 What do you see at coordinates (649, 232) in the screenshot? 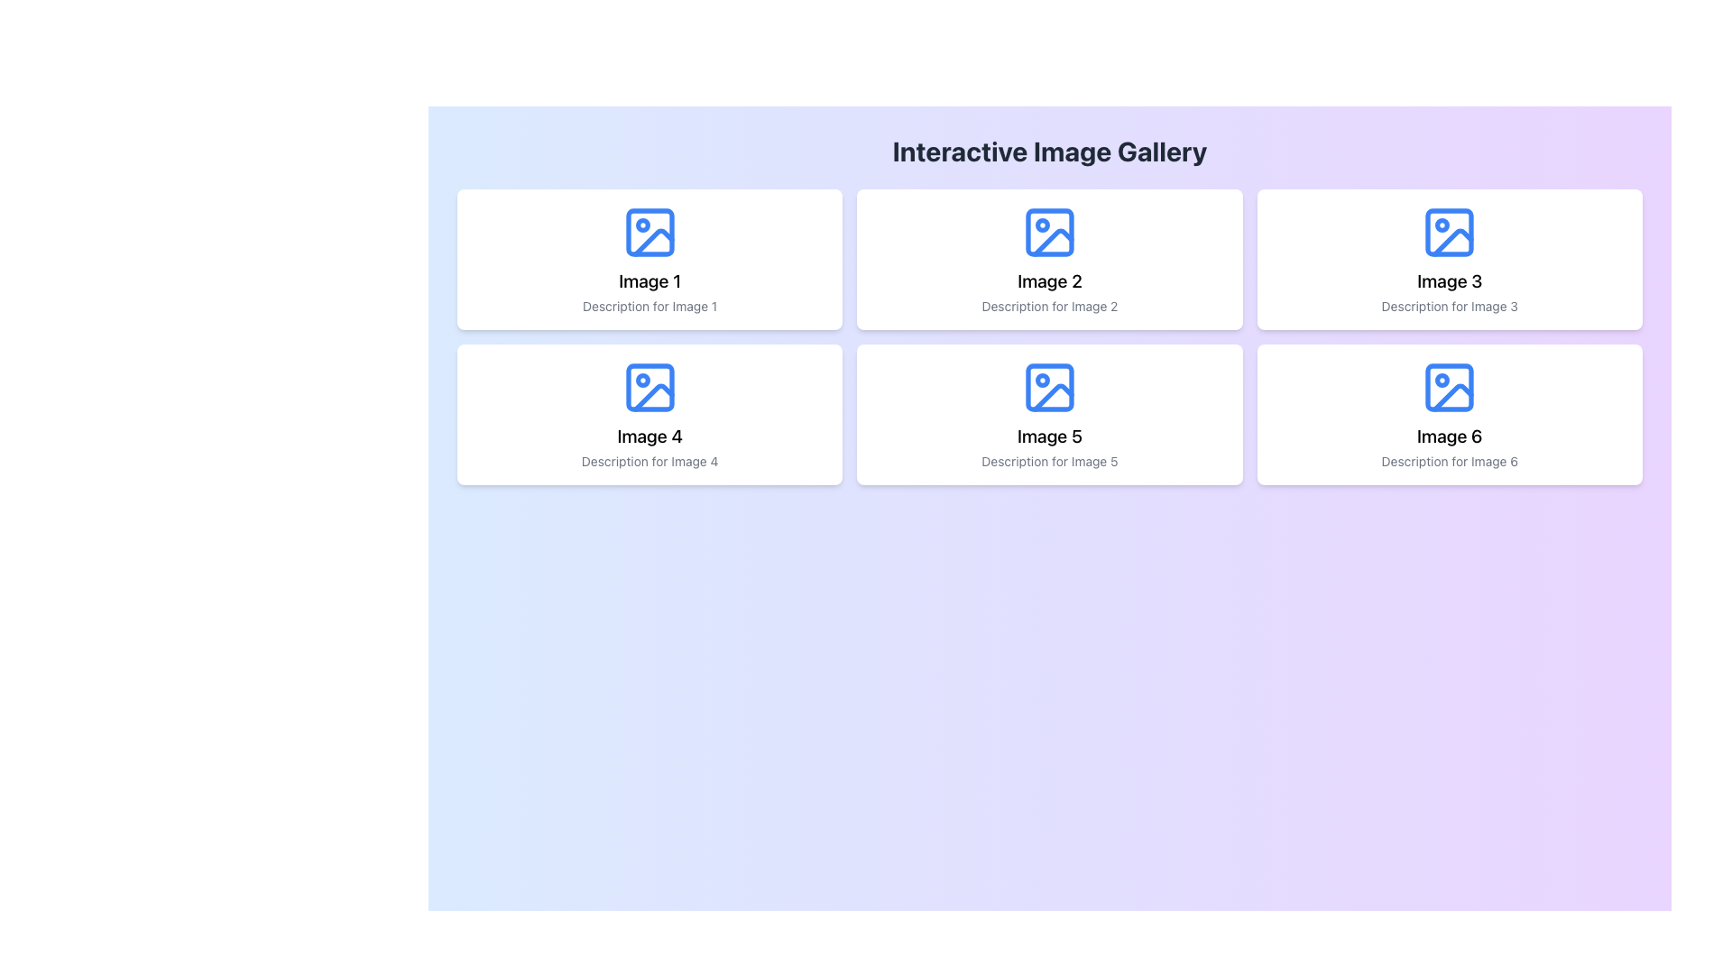
I see `the icon styled as an image placeholder, located at the top center of the card labeled 'Image 1', which features a white background and shadow effect` at bounding box center [649, 232].